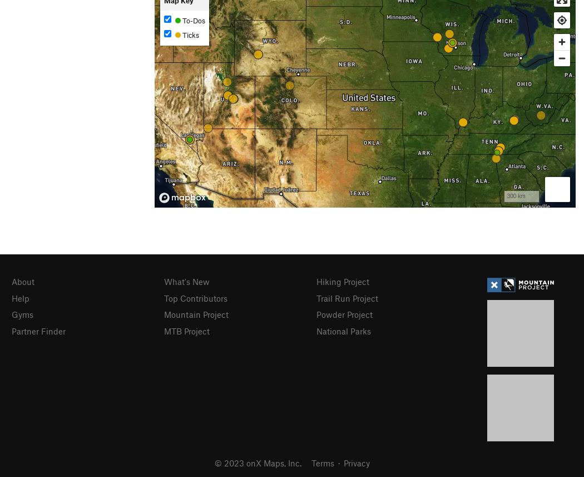 This screenshot has height=477, width=584. Describe the element at coordinates (189, 34) in the screenshot. I see `'Ticks'` at that location.